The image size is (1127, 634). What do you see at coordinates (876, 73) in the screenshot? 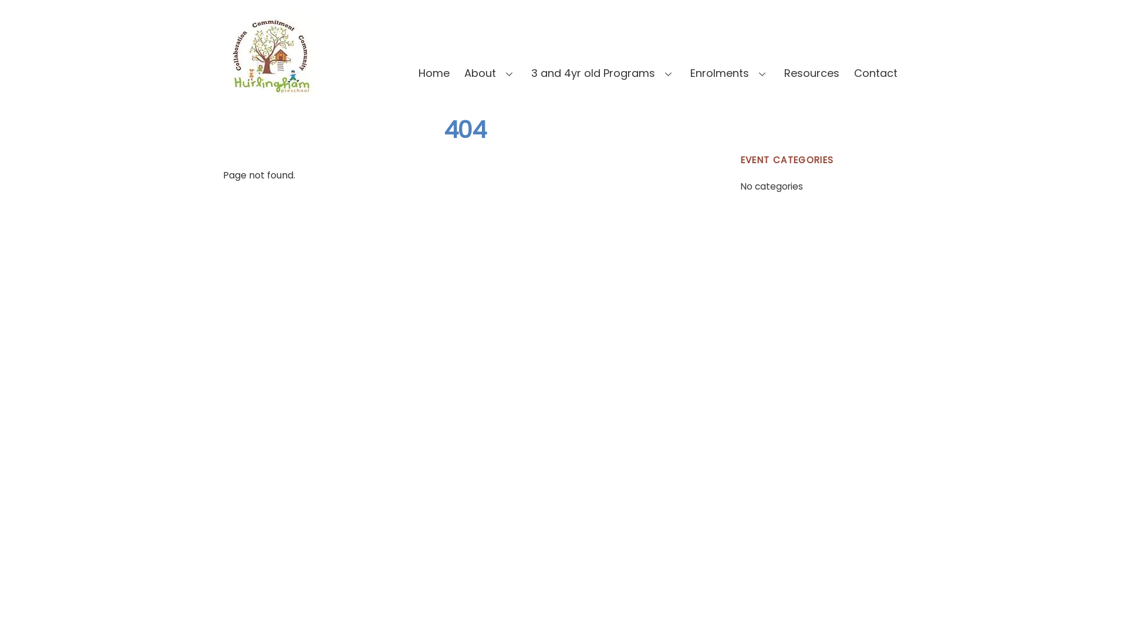
I see `'Contact'` at bounding box center [876, 73].